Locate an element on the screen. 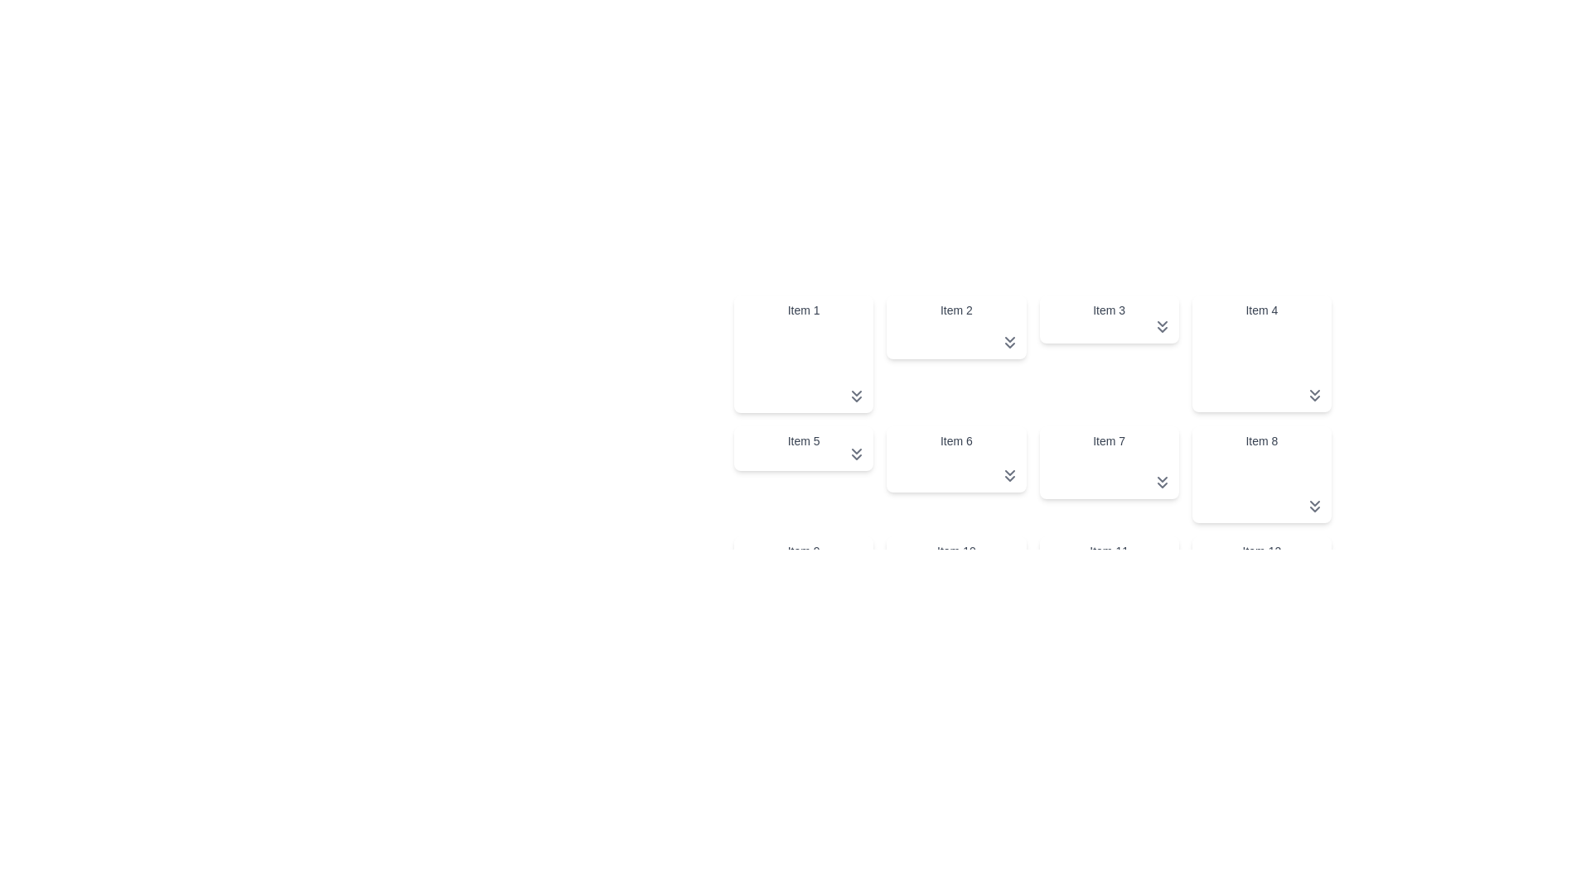 This screenshot has height=894, width=1591. the downward double-chevron icon button located in the bottom-right corner of the 'Item 4' card is located at coordinates (1314, 396).